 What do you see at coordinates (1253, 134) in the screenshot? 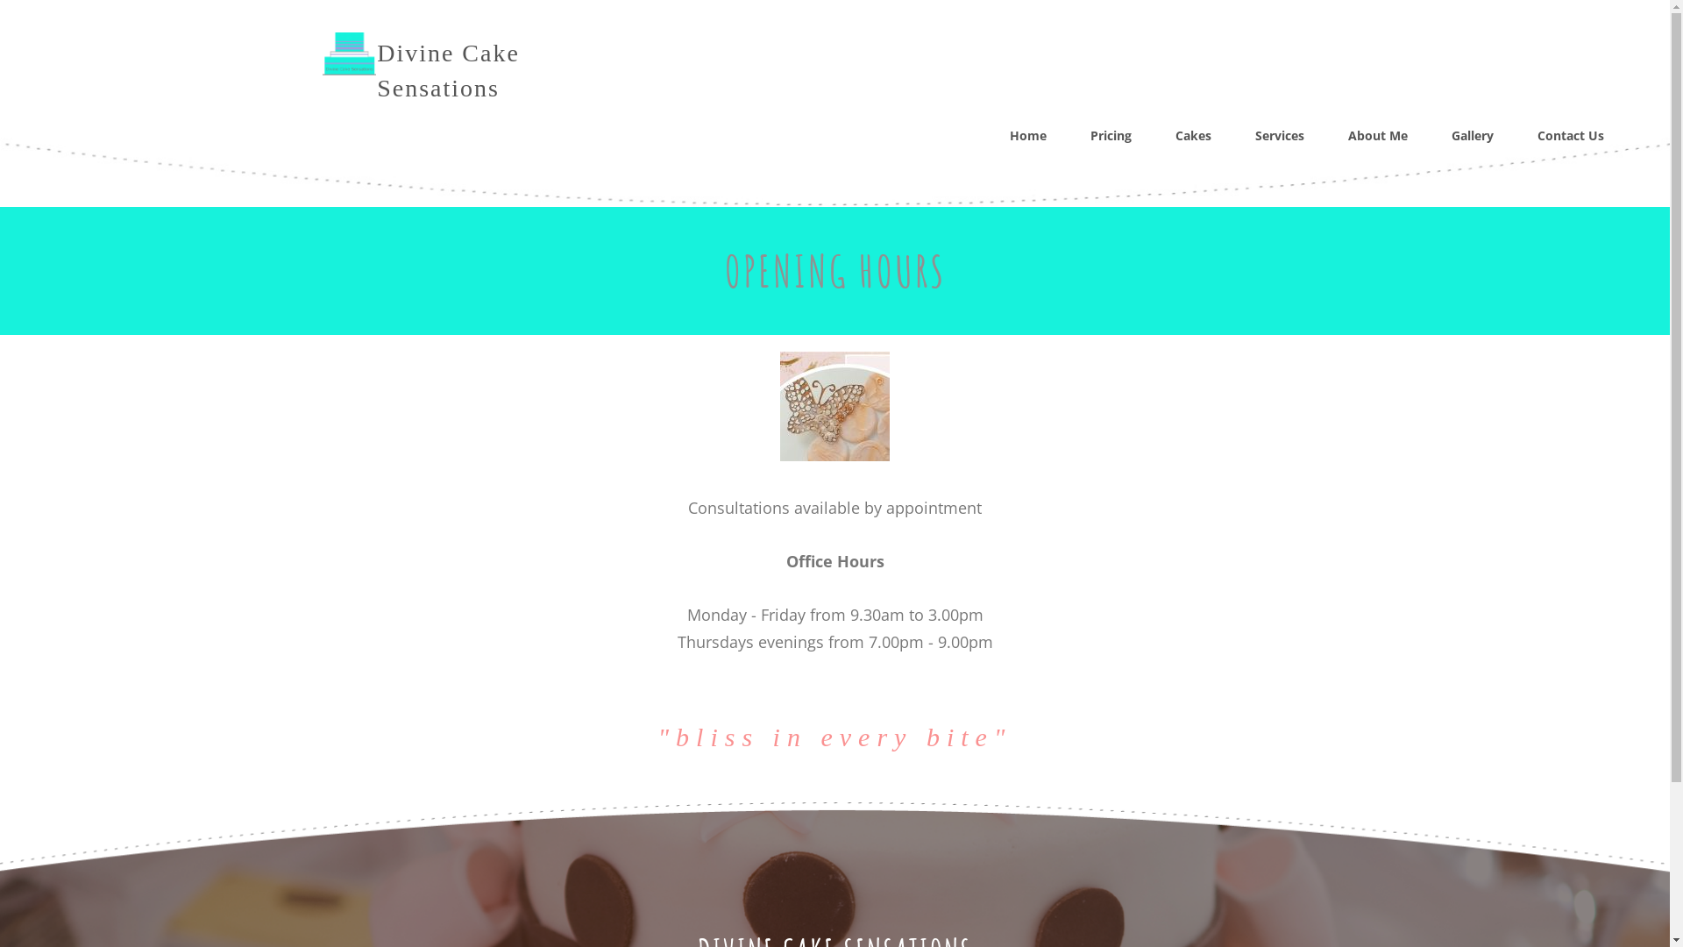
I see `'Services'` at bounding box center [1253, 134].